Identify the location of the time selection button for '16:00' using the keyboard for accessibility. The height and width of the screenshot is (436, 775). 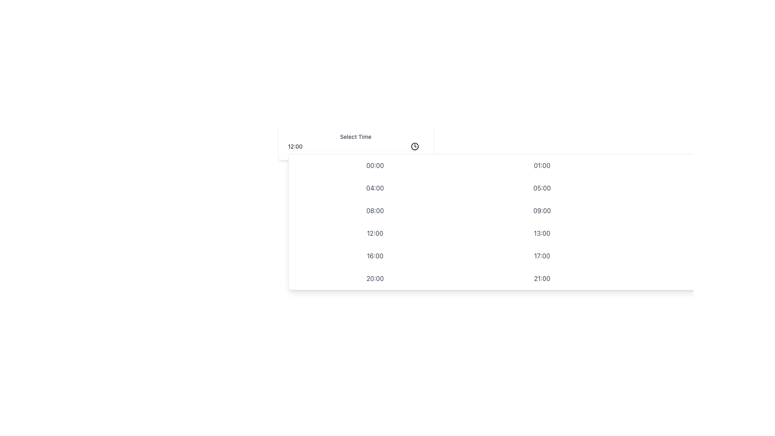
(375, 256).